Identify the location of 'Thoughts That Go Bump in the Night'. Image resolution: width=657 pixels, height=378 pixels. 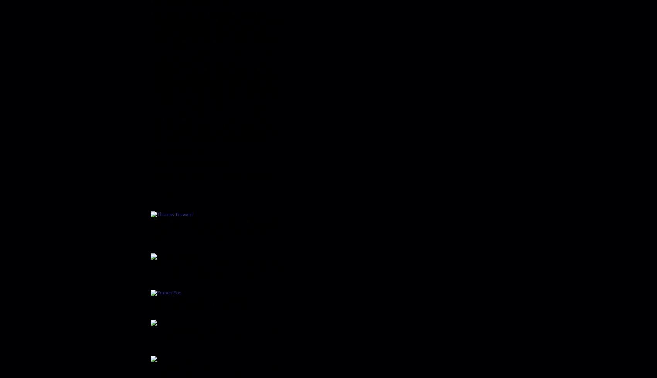
(205, 187).